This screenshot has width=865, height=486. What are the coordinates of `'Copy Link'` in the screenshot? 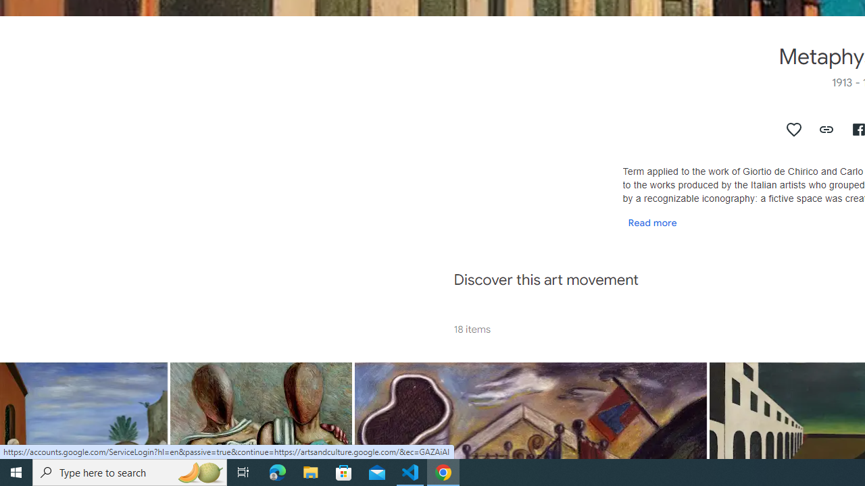 It's located at (826, 129).